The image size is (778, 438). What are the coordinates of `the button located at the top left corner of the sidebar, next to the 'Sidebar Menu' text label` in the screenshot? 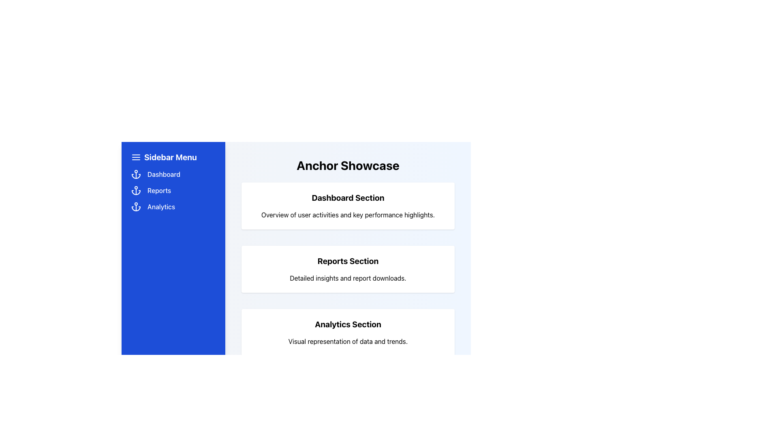 It's located at (136, 157).